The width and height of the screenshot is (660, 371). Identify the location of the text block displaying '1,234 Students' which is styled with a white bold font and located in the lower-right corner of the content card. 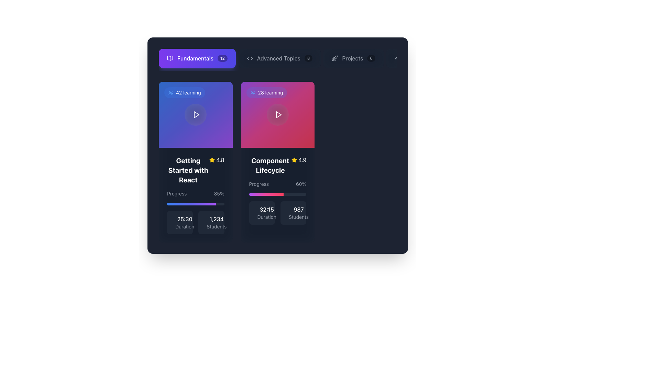
(216, 223).